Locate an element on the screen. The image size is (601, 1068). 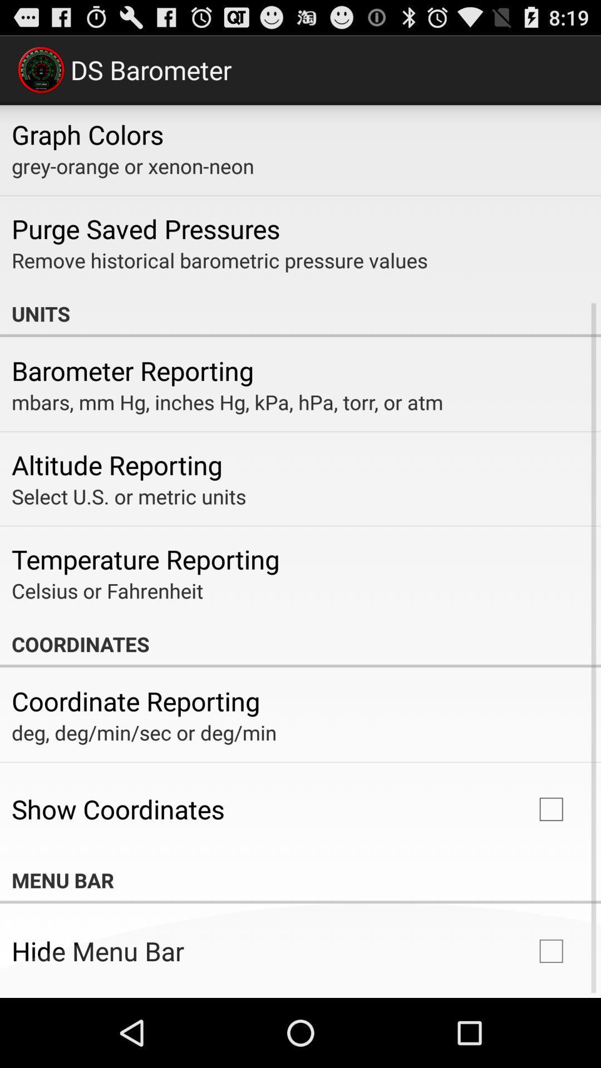
the grey orange or app is located at coordinates (132, 165).